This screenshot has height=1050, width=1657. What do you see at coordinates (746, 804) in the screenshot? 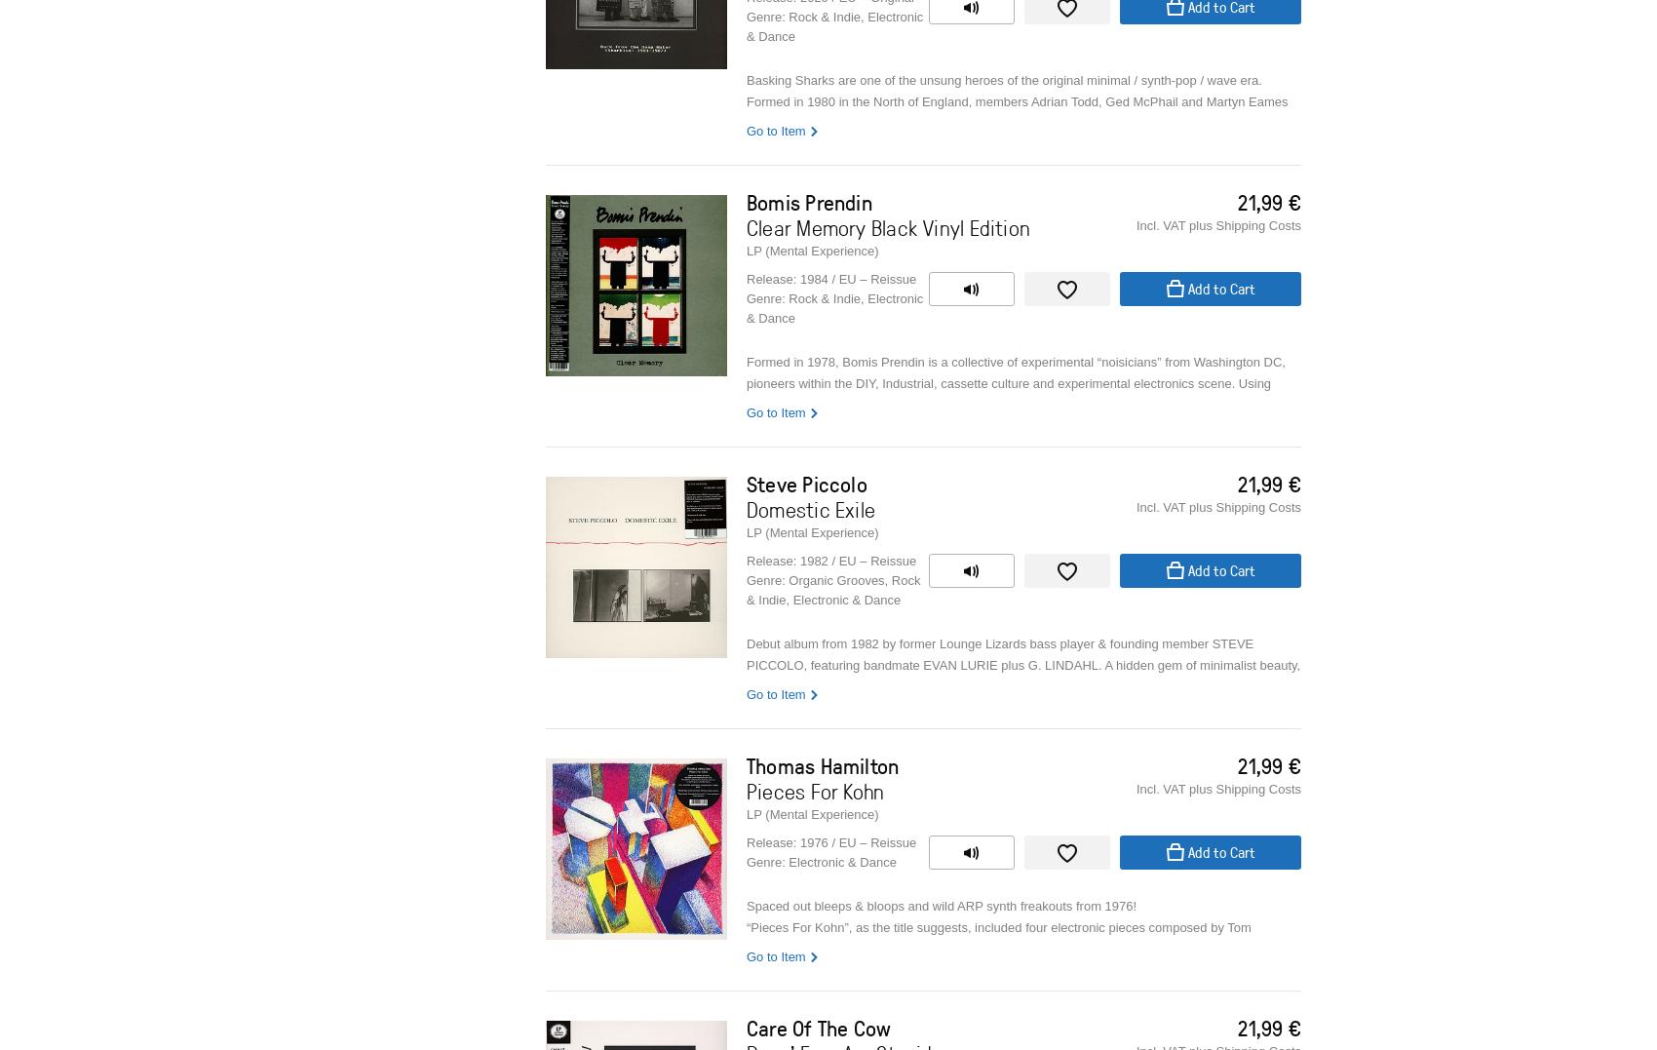
I see `'“Domestic Exile” was recorded one year after the seminal Lounge Lizards debut, at a time when Steve was living a kinda schizophrenic existence: working at Wall Street by day and going to clubs and art spaces almost every evening (he was one of the artists filmed for the No Wave documentary “135 Grand Street New York 1979”).'` at bounding box center [746, 804].